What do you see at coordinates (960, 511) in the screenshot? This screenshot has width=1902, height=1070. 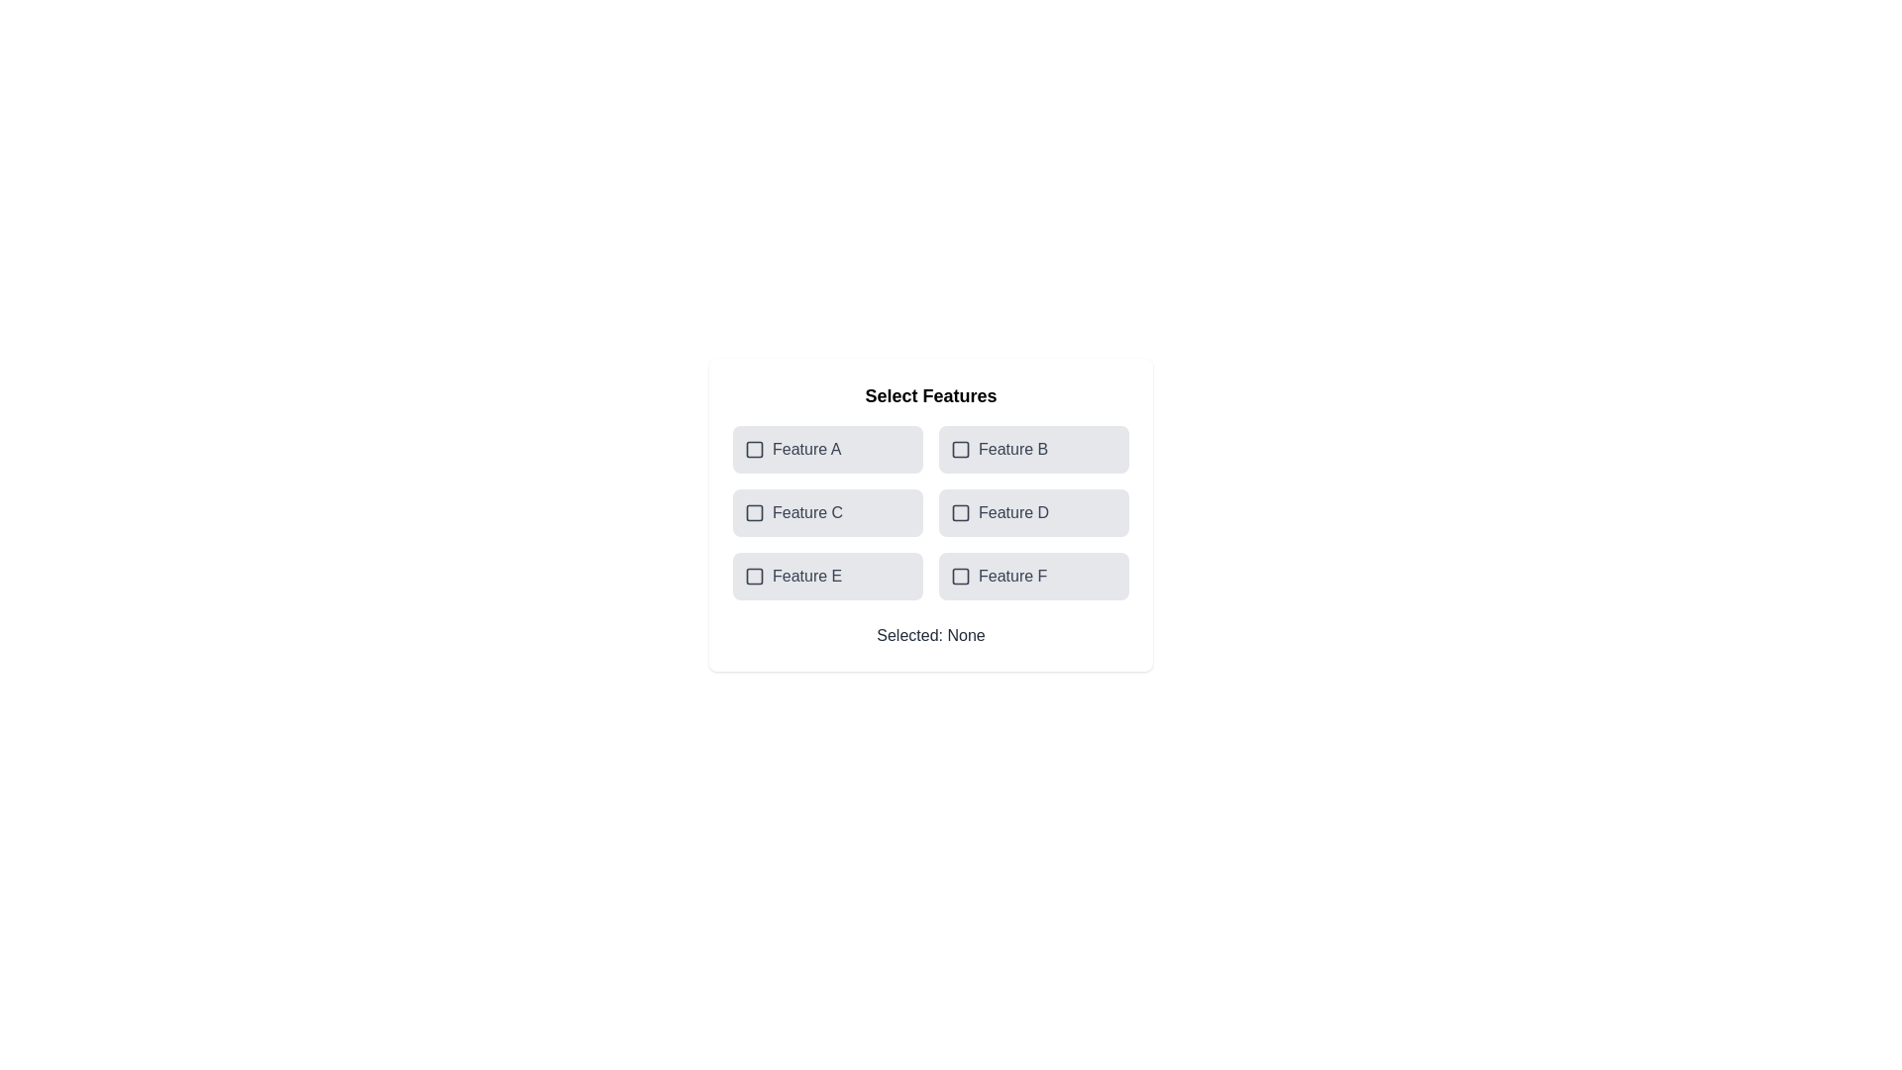 I see `the Checkbox for 'Feature D', which is a small square with rounded corners located in the second column of the second row in the grid of selectable features for visual feedback` at bounding box center [960, 511].